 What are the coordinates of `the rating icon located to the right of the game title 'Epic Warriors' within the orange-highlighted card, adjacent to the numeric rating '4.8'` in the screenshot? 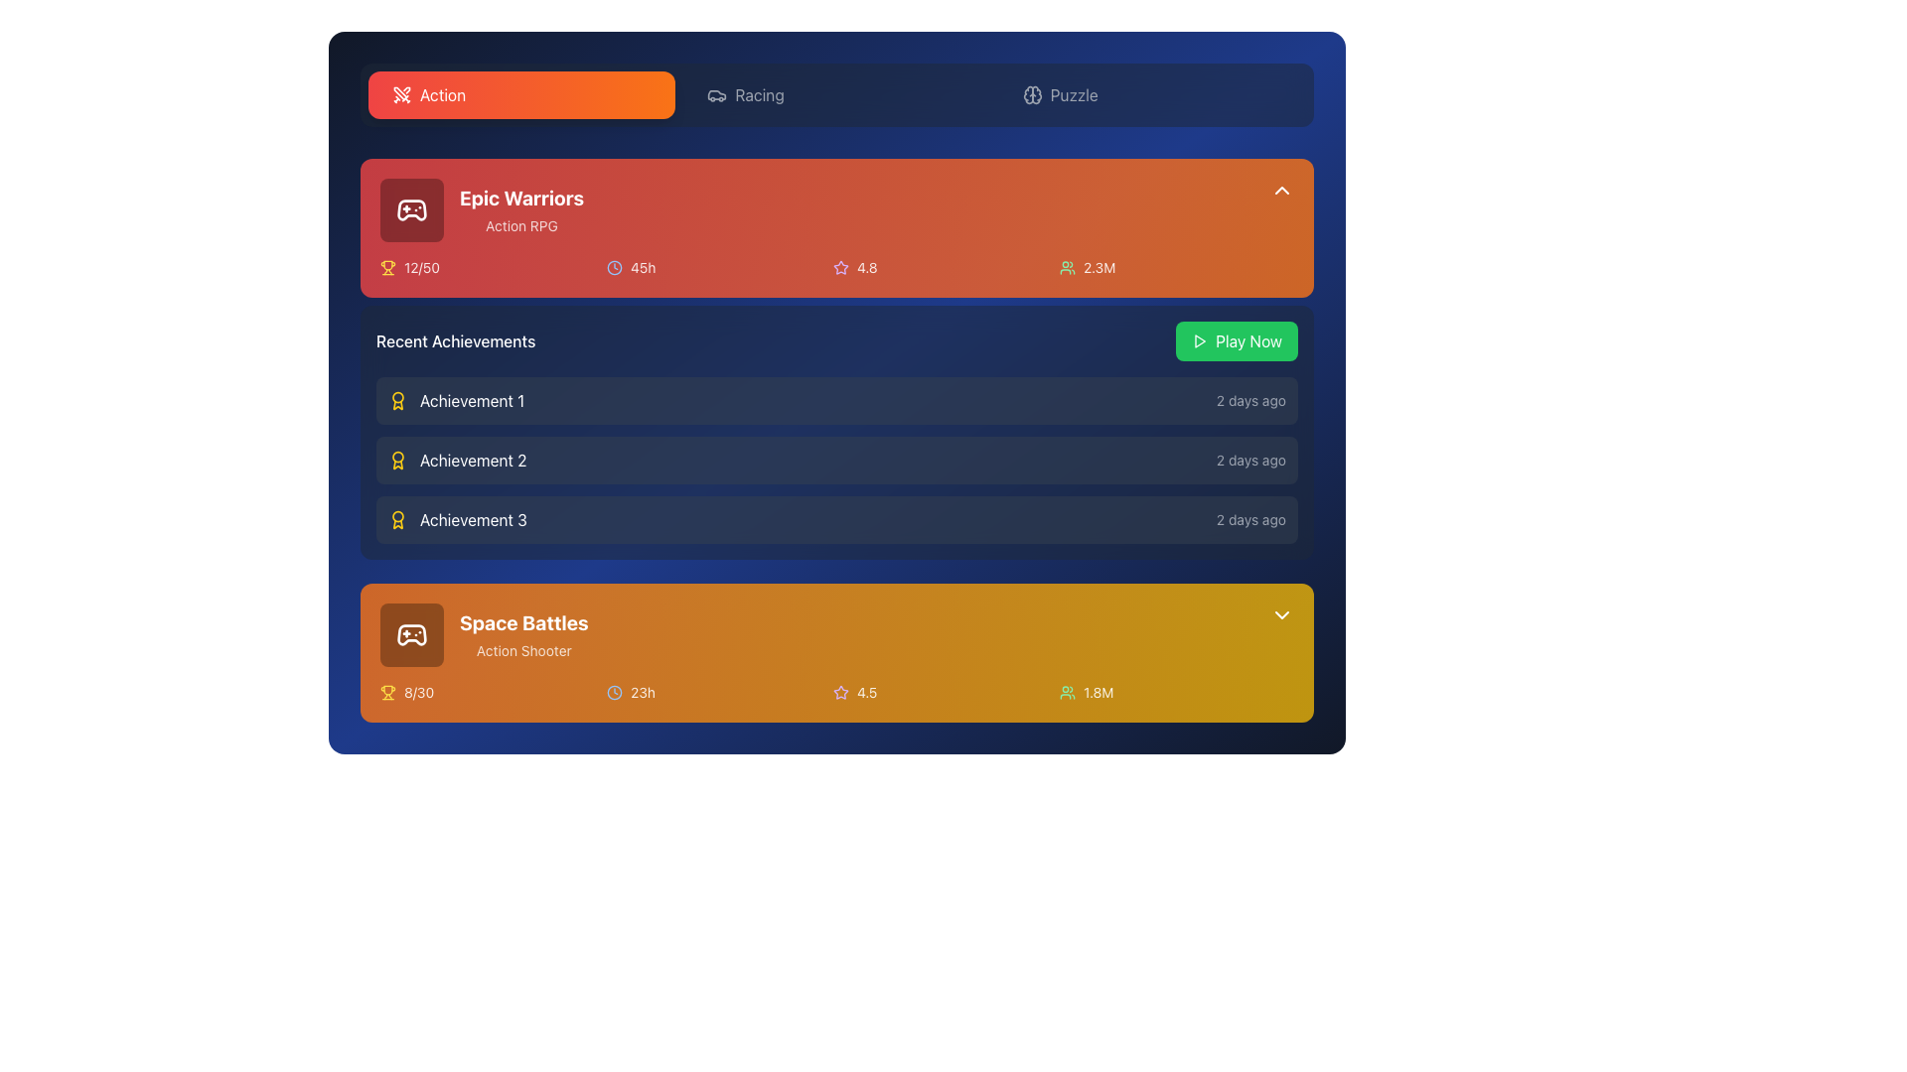 It's located at (840, 266).